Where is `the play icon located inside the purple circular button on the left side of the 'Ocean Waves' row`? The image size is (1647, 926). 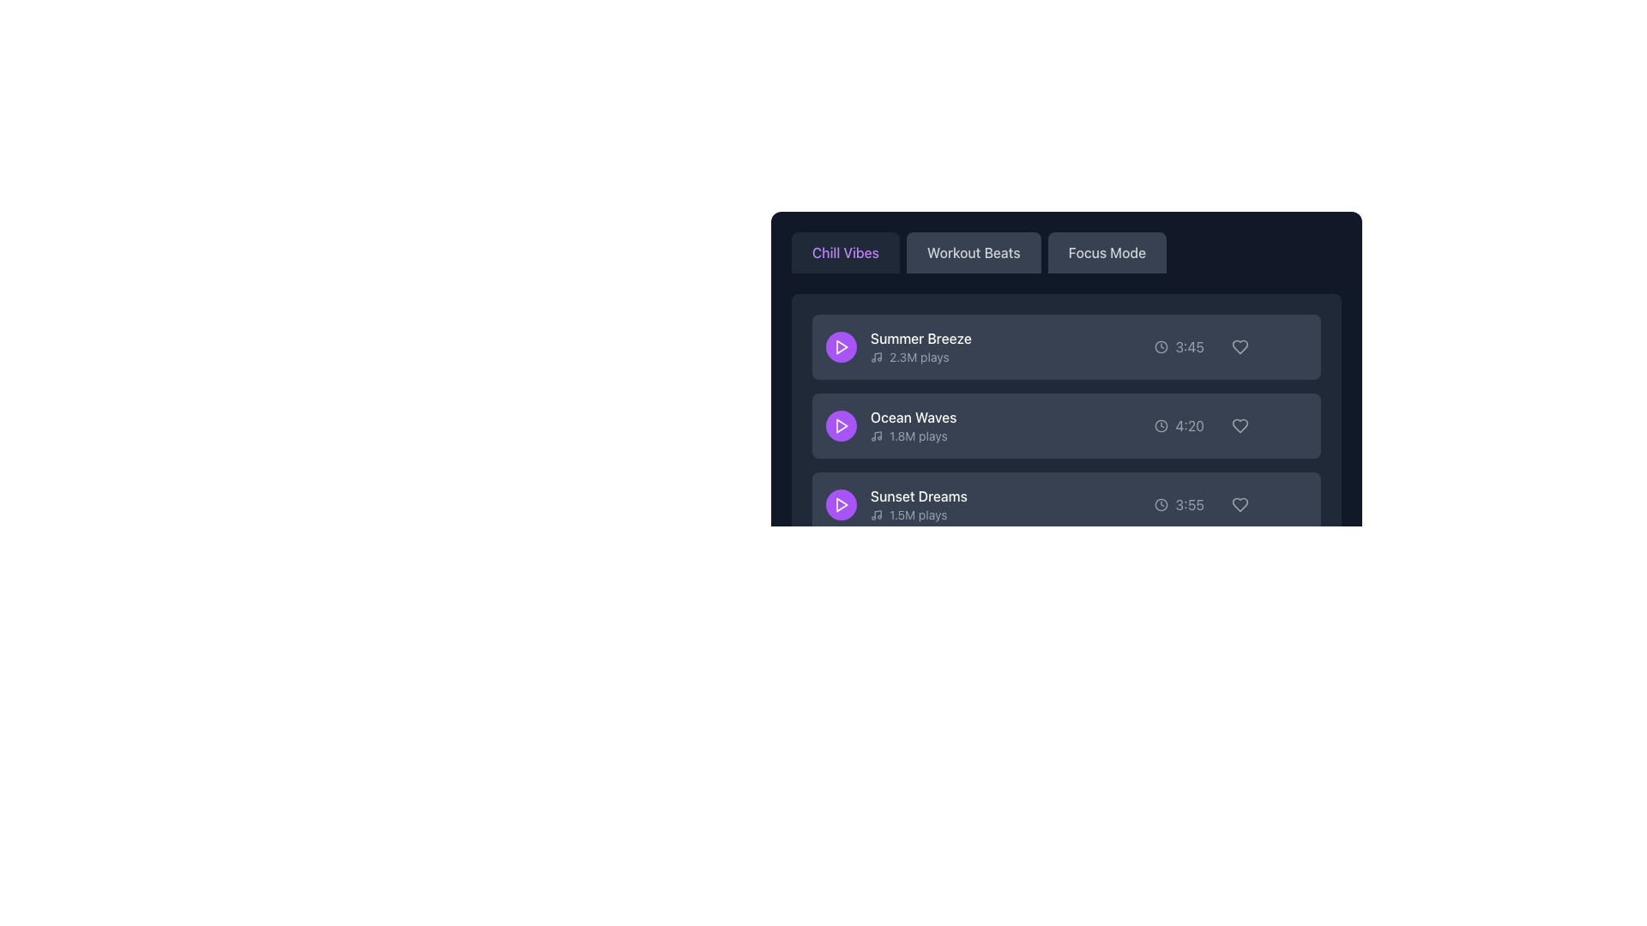
the play icon located inside the purple circular button on the left side of the 'Ocean Waves' row is located at coordinates (841, 425).